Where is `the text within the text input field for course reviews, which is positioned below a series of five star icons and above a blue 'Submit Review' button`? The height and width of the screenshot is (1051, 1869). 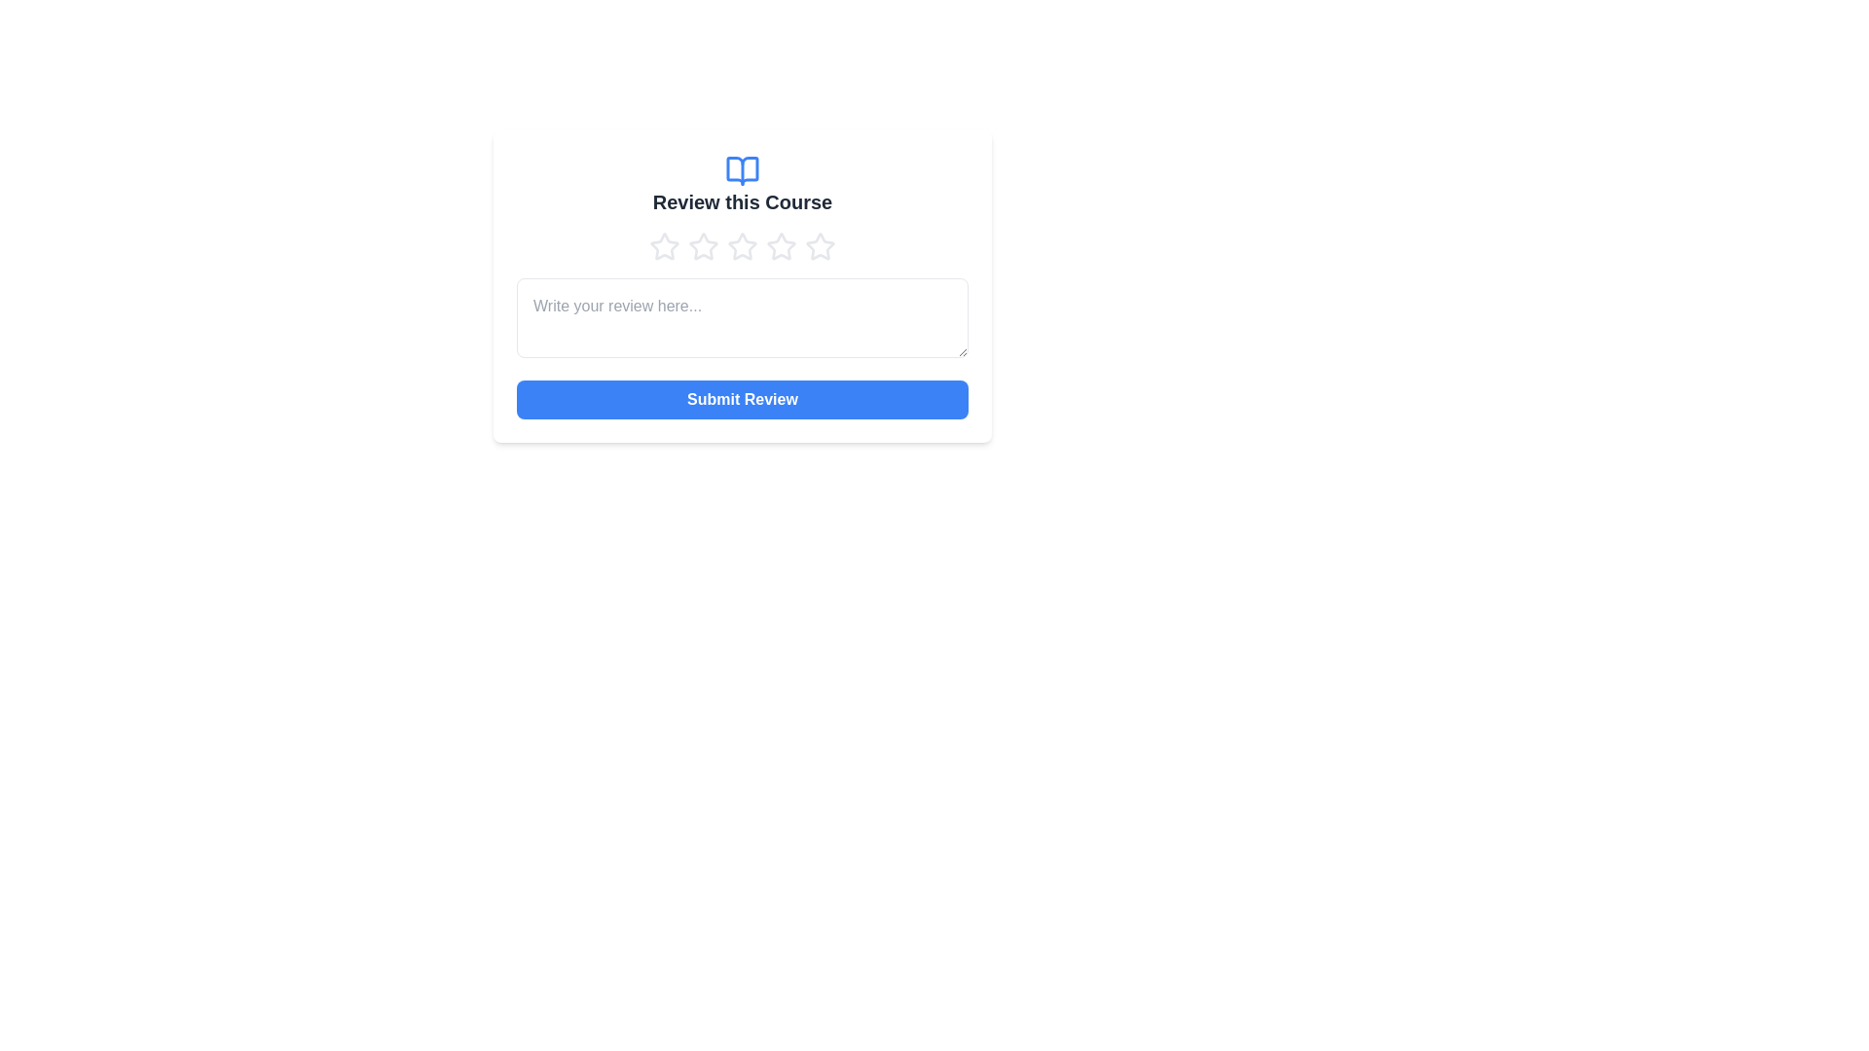
the text within the text input field for course reviews, which is positioned below a series of five star icons and above a blue 'Submit Review' button is located at coordinates (742, 286).